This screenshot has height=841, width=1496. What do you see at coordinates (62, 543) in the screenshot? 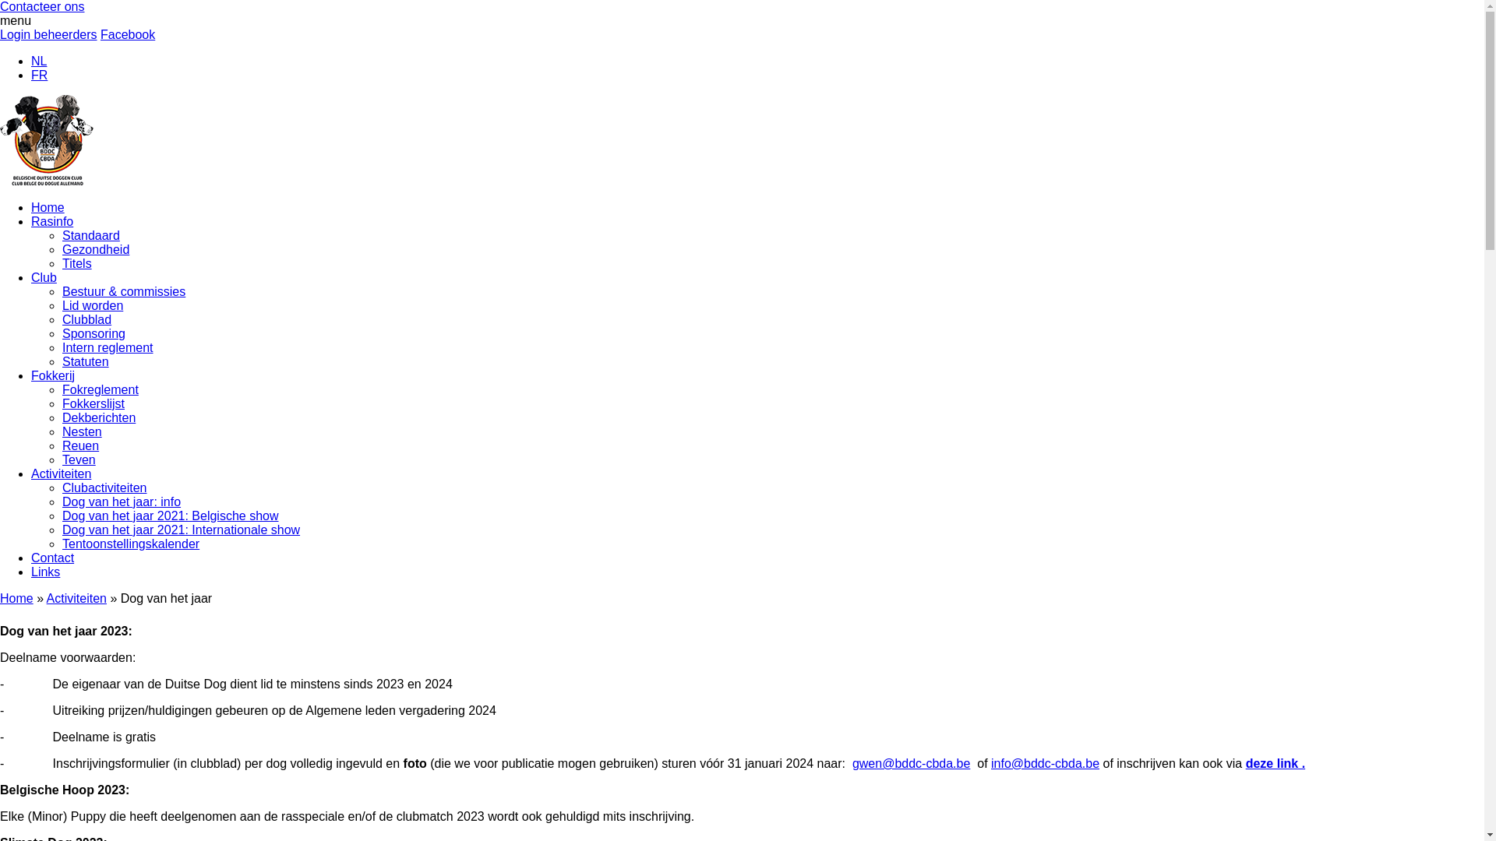
I see `'Tentoonstellingskalender'` at bounding box center [62, 543].